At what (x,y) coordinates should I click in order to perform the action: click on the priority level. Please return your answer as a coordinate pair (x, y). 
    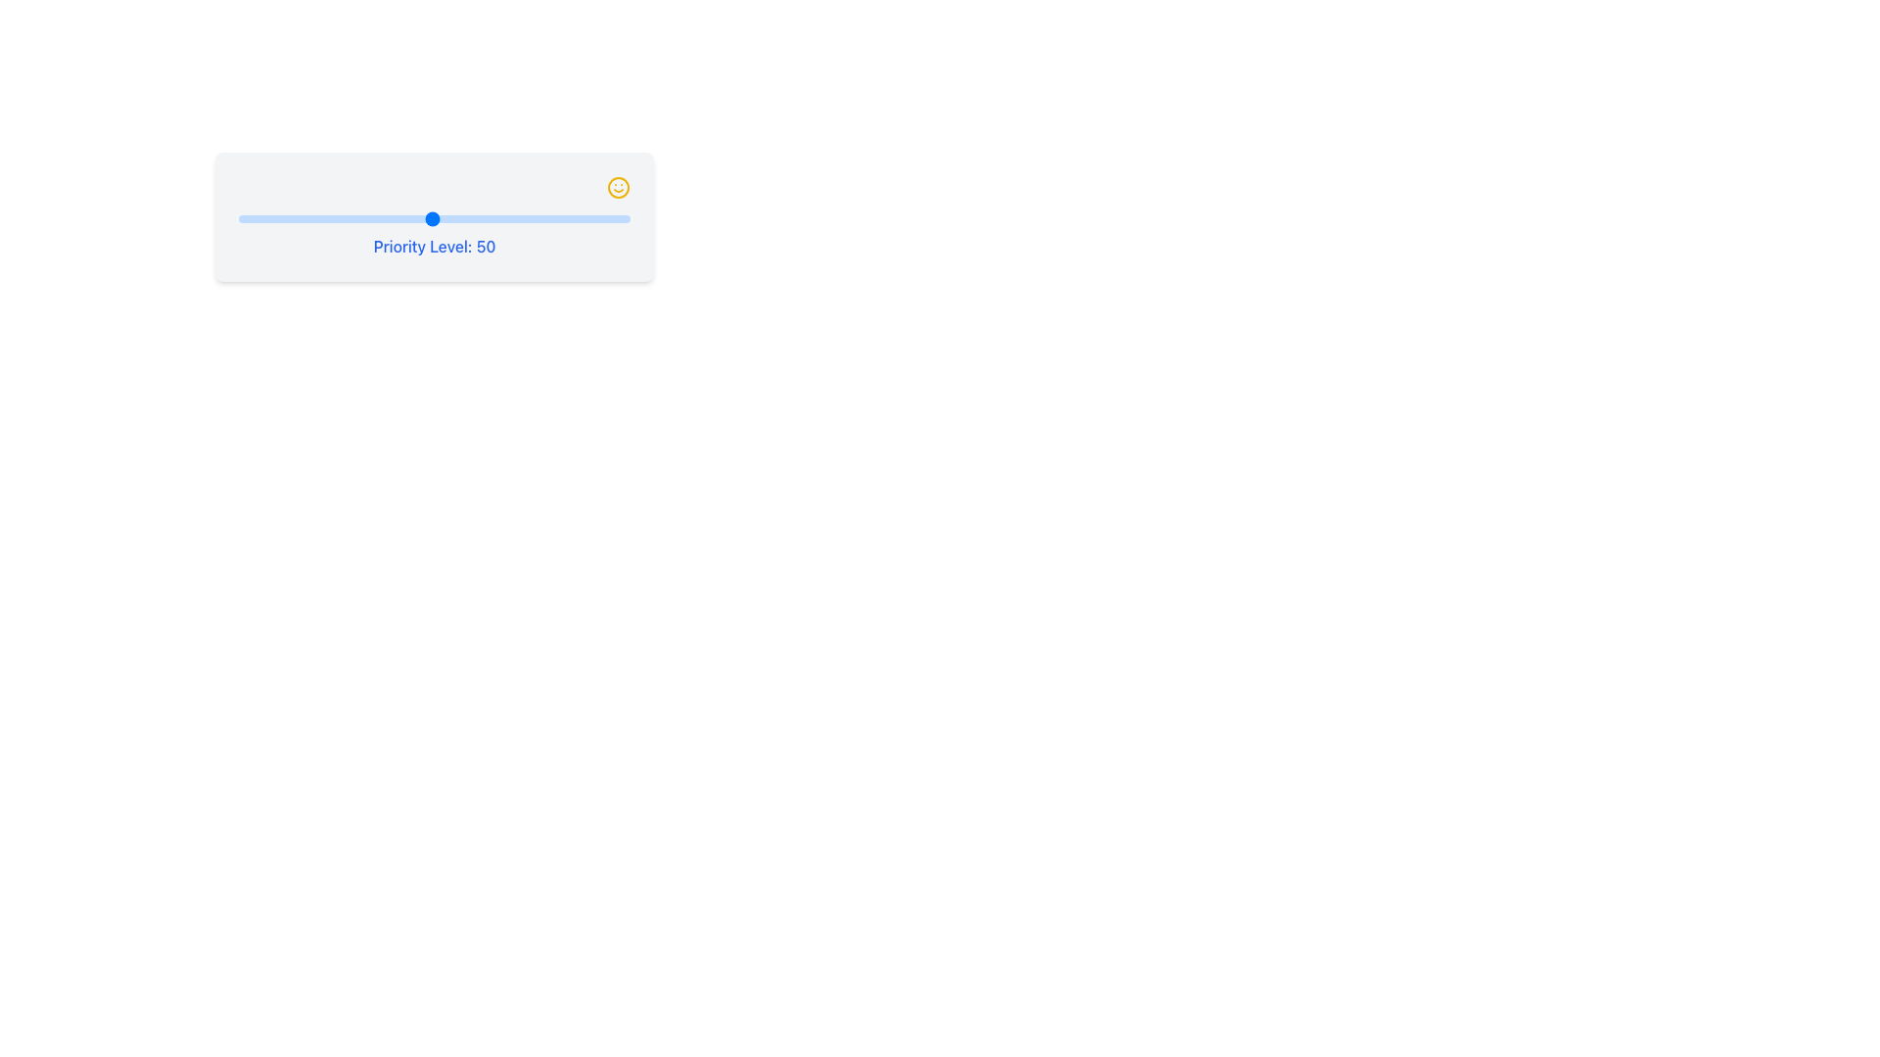
    Looking at the image, I should click on (242, 218).